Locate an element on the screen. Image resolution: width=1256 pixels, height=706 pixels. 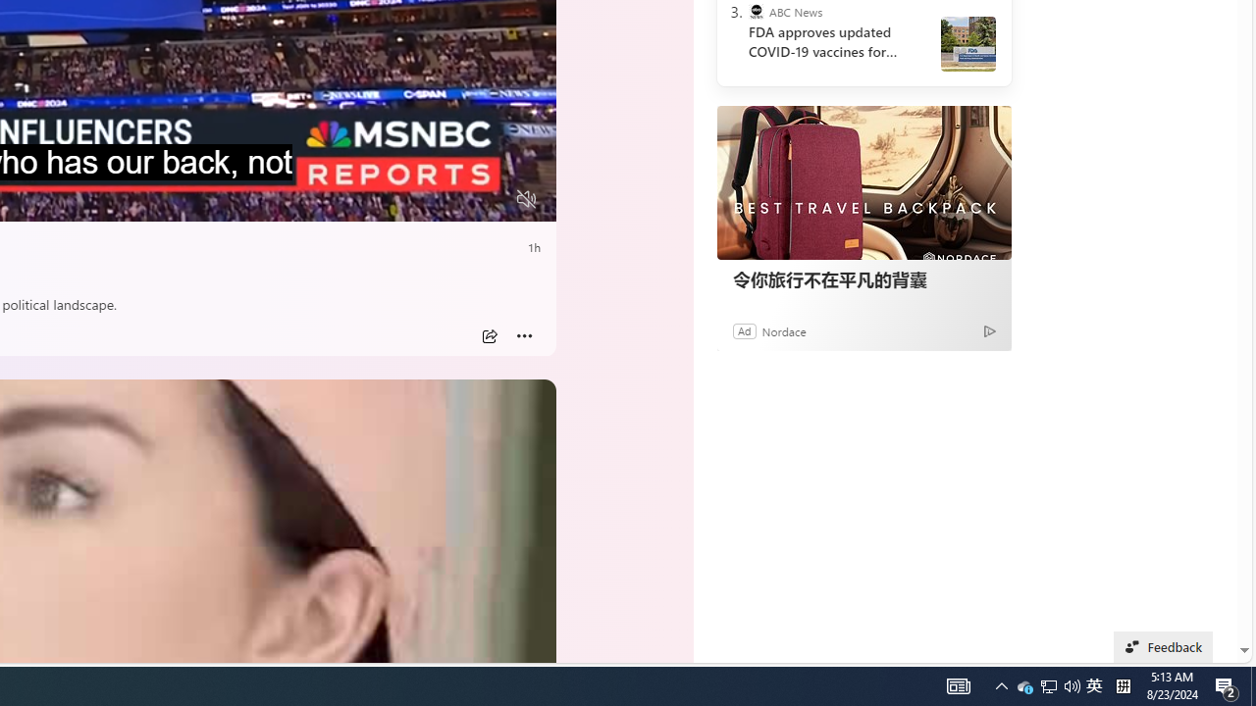
'Class: at-item inline-watch' is located at coordinates (524, 335).